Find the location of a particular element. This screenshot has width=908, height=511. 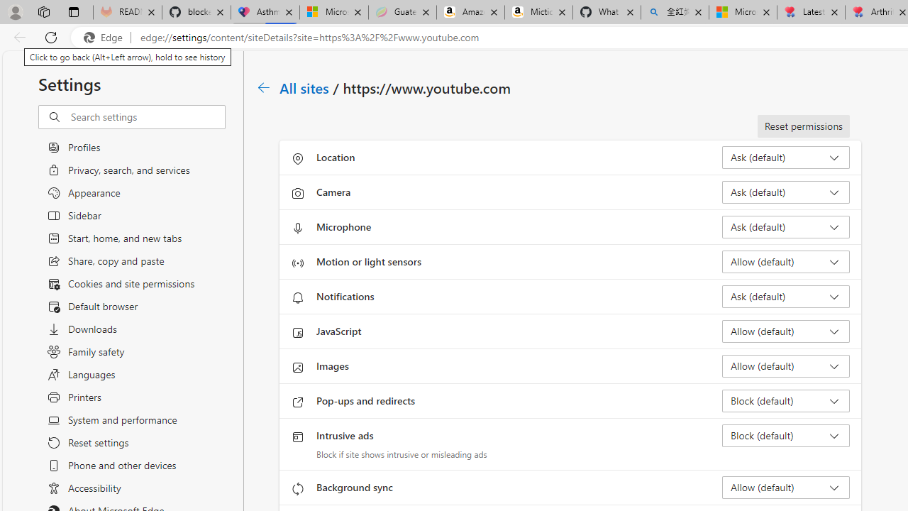

'Location Ask (default)' is located at coordinates (785, 158).